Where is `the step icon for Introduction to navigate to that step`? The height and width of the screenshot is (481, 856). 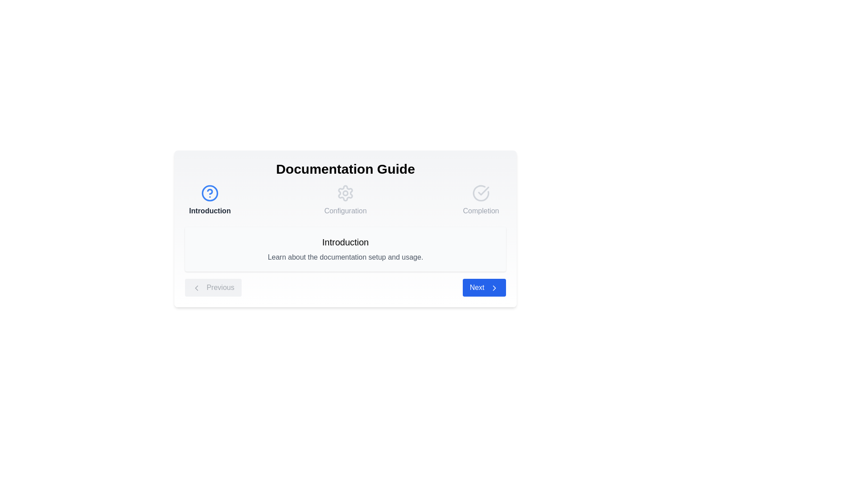 the step icon for Introduction to navigate to that step is located at coordinates (209, 193).